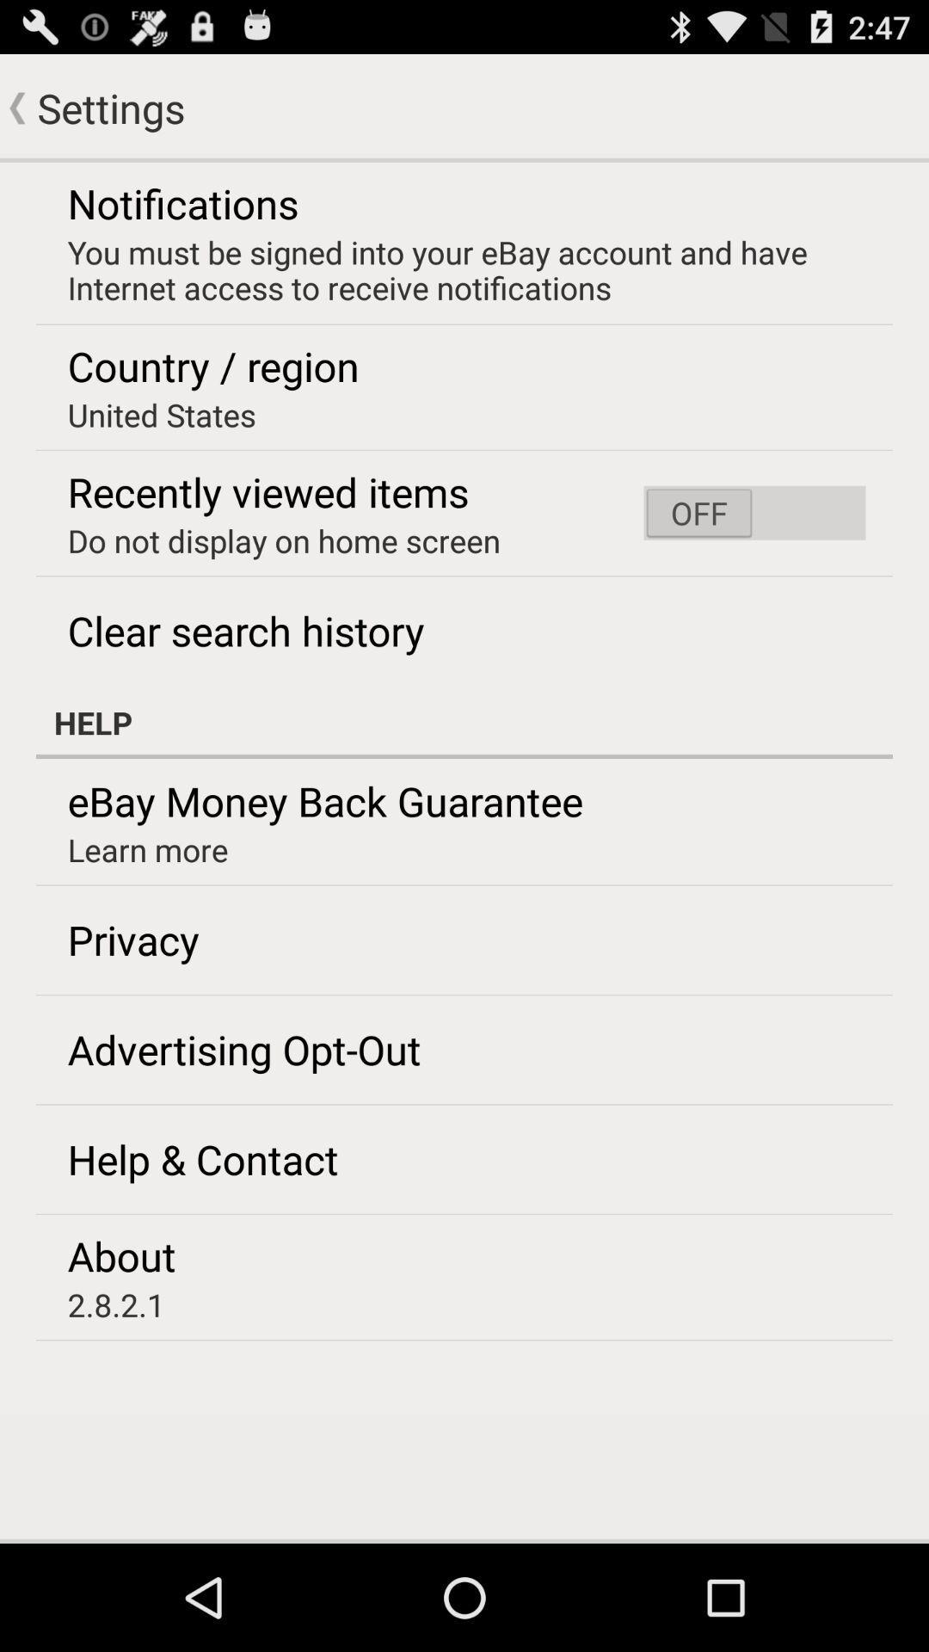  I want to click on item above the do not display item, so click(268, 490).